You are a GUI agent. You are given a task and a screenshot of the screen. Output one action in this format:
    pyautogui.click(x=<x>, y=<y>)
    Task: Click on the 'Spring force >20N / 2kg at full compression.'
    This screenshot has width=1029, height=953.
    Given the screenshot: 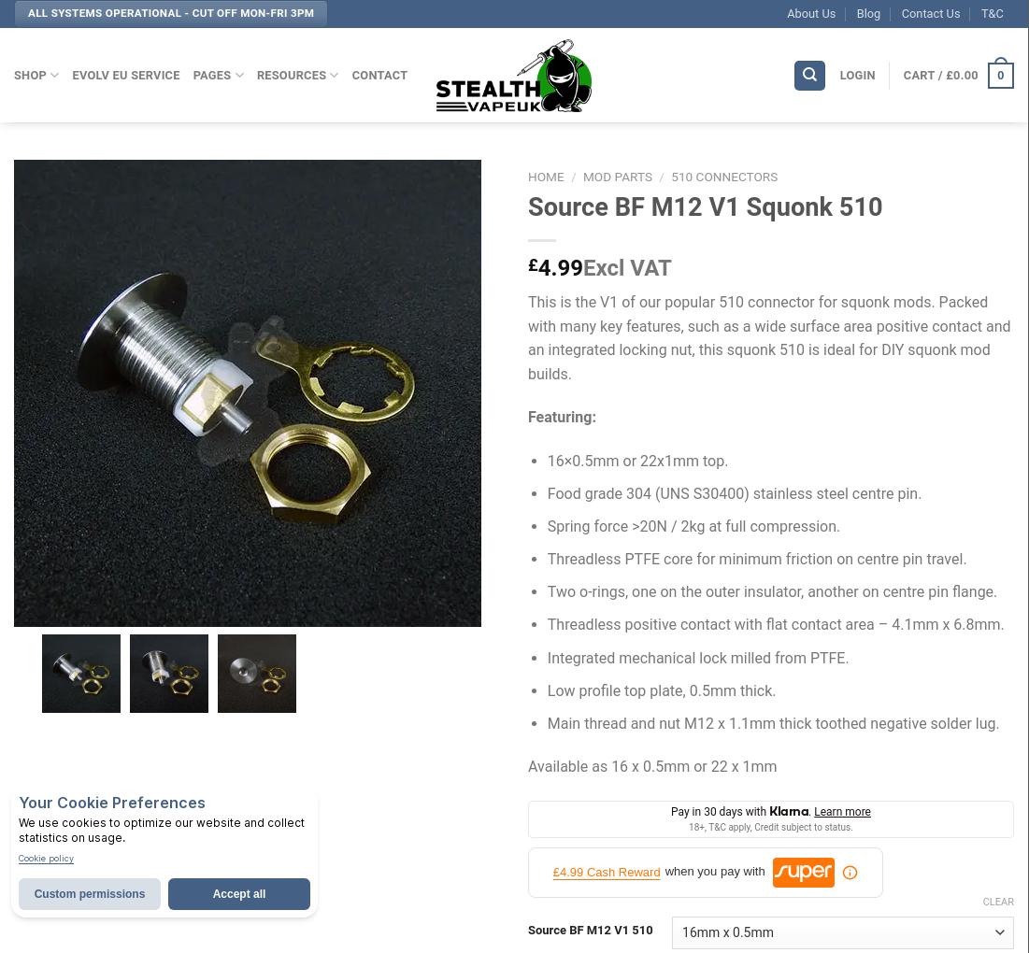 What is the action you would take?
    pyautogui.click(x=692, y=525)
    